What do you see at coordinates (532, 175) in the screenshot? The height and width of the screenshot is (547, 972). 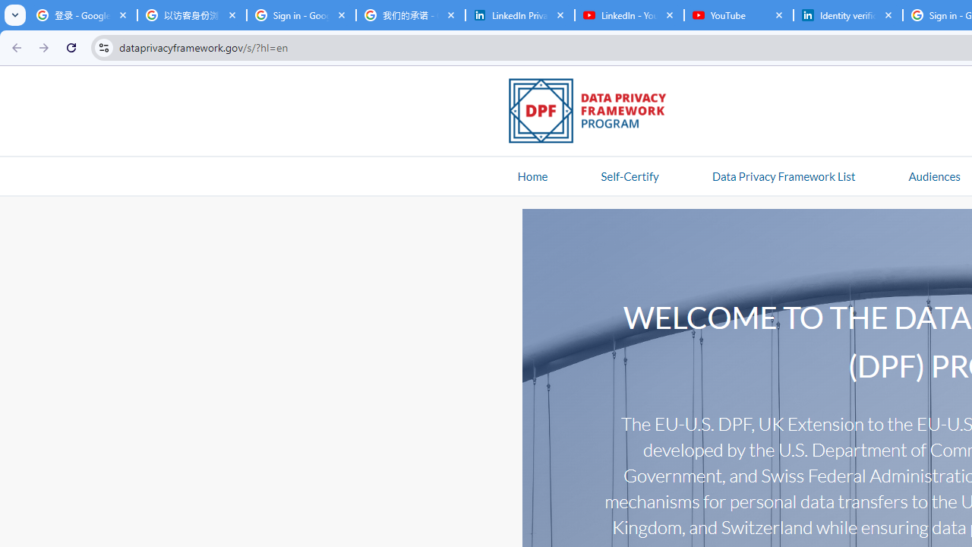 I see `'Home'` at bounding box center [532, 175].